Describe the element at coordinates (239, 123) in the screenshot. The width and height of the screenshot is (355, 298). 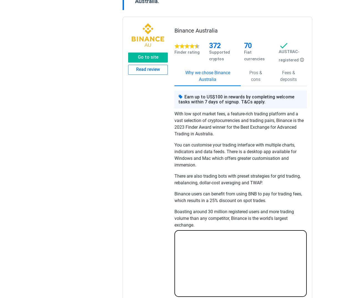
I see `'With low spot market fees, a feature-rich trading platform and a vast selection of cryptocurrencies and trading pairs, Binance is the 2023 Finder Award winner for the Best Exchange for Advanced Trading in Australia.'` at that location.